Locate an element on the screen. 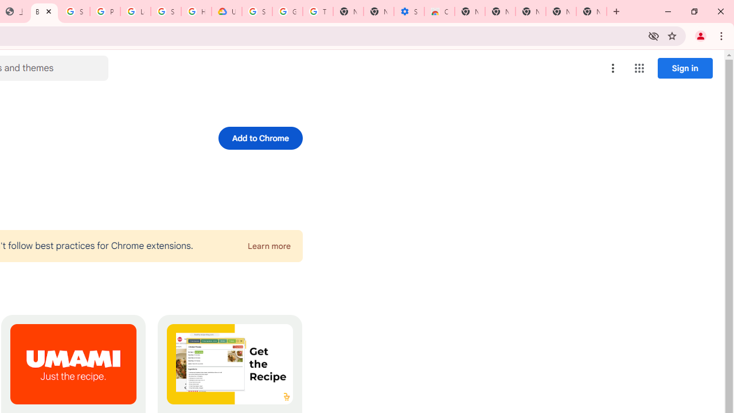  'Sign in - Google Accounts' is located at coordinates (74, 11).